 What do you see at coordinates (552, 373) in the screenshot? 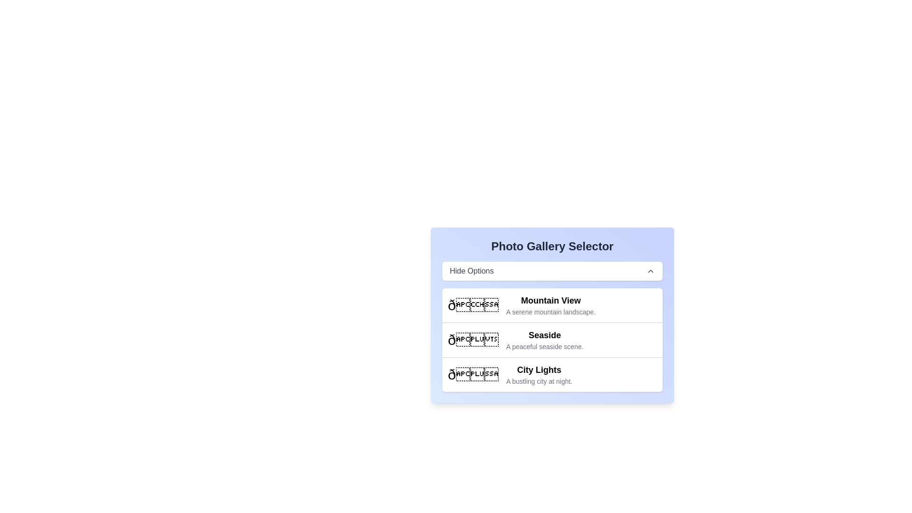
I see `the list item titled 'City Lights' that features an icon and a description below it` at bounding box center [552, 373].